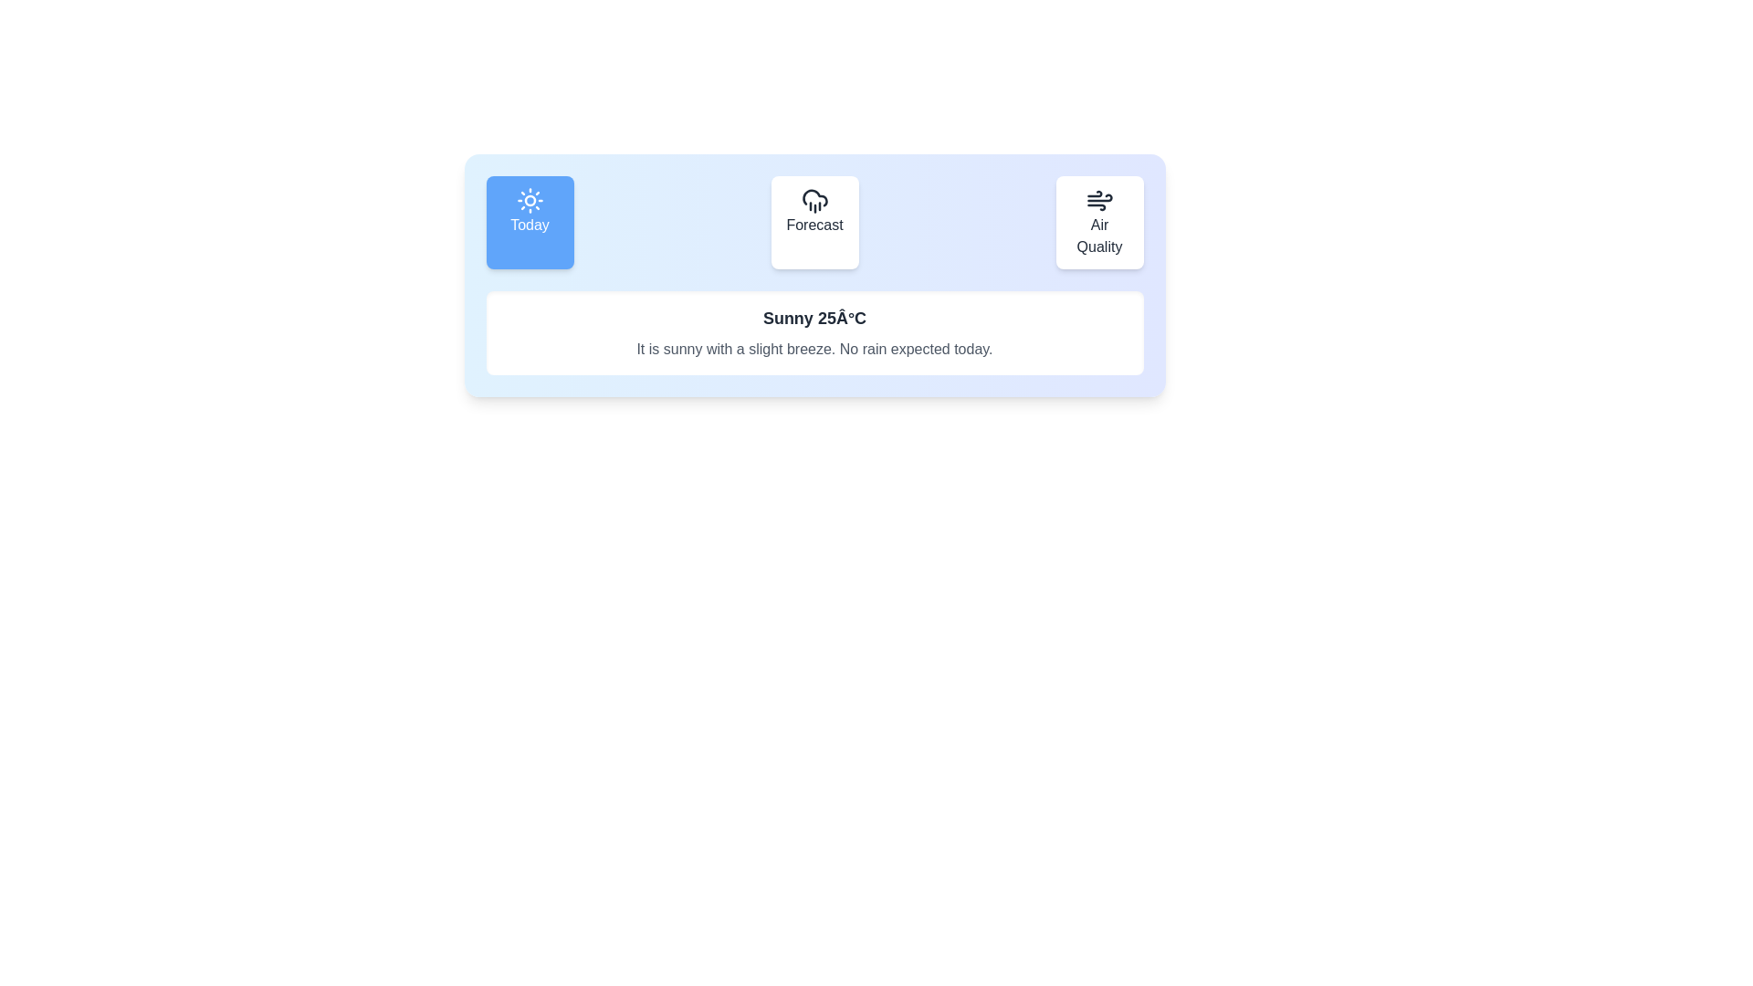  What do you see at coordinates (529, 221) in the screenshot?
I see `the Today tab` at bounding box center [529, 221].